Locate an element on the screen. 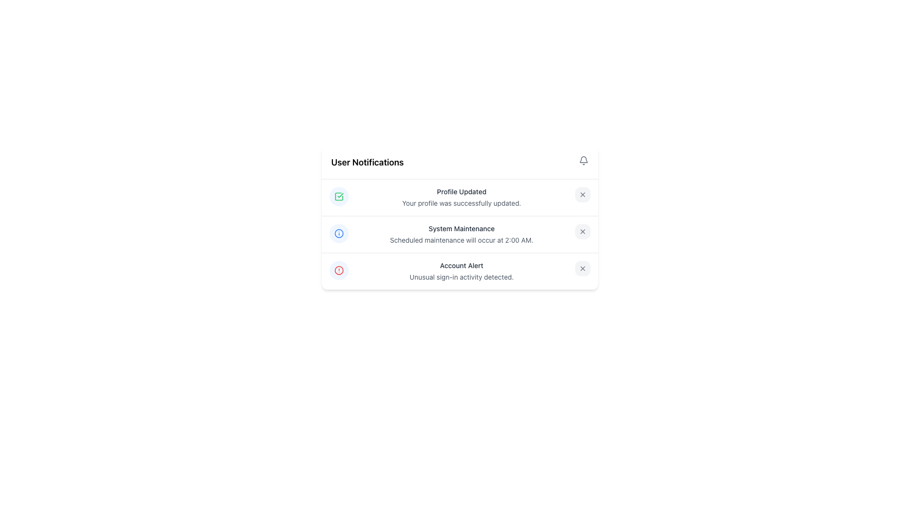 The width and height of the screenshot is (921, 518). the textual label displaying 'Profile Updated', which is located in the first notification entry of a notification list, aligned with a green check icon on the left is located at coordinates (461, 192).